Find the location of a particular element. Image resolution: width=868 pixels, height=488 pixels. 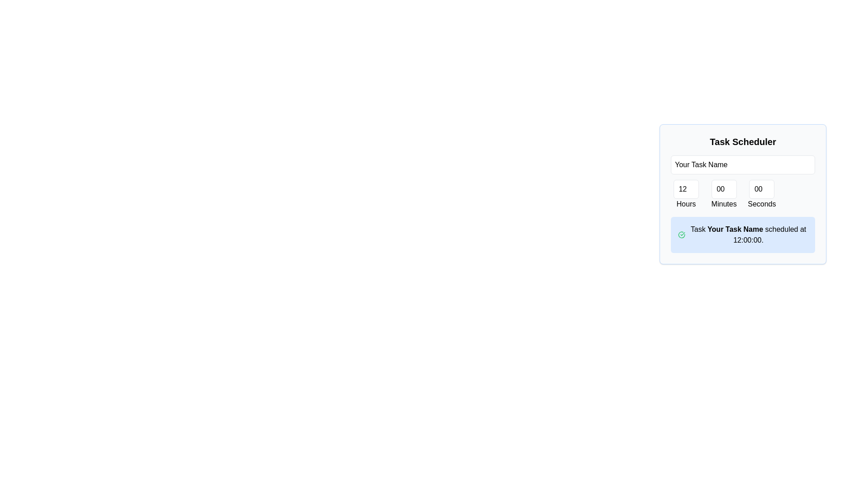

the rectangular number input field in the central 'Minutes' section to focus on it and type a new value is located at coordinates (724, 189).